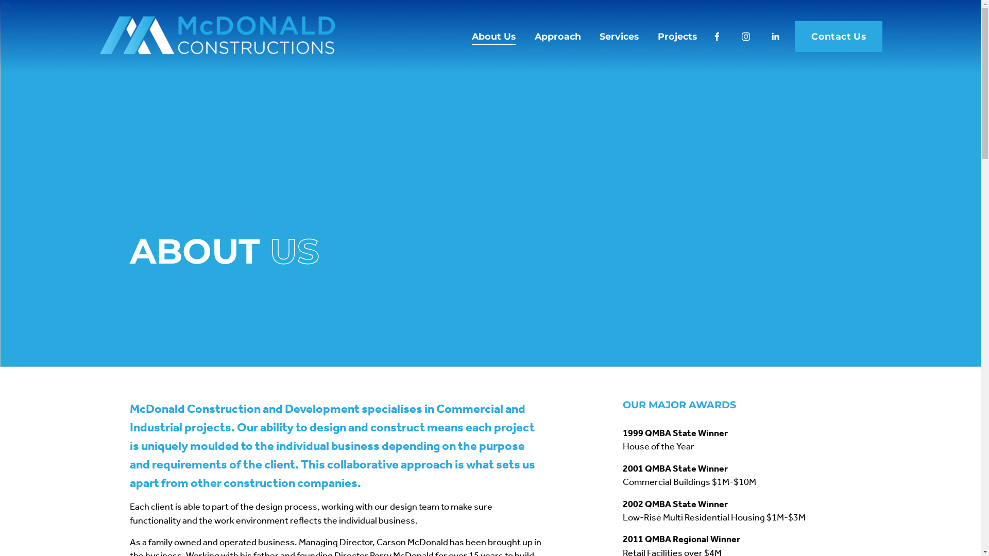  Describe the element at coordinates (794, 36) in the screenshot. I see `'Contact Us'` at that location.